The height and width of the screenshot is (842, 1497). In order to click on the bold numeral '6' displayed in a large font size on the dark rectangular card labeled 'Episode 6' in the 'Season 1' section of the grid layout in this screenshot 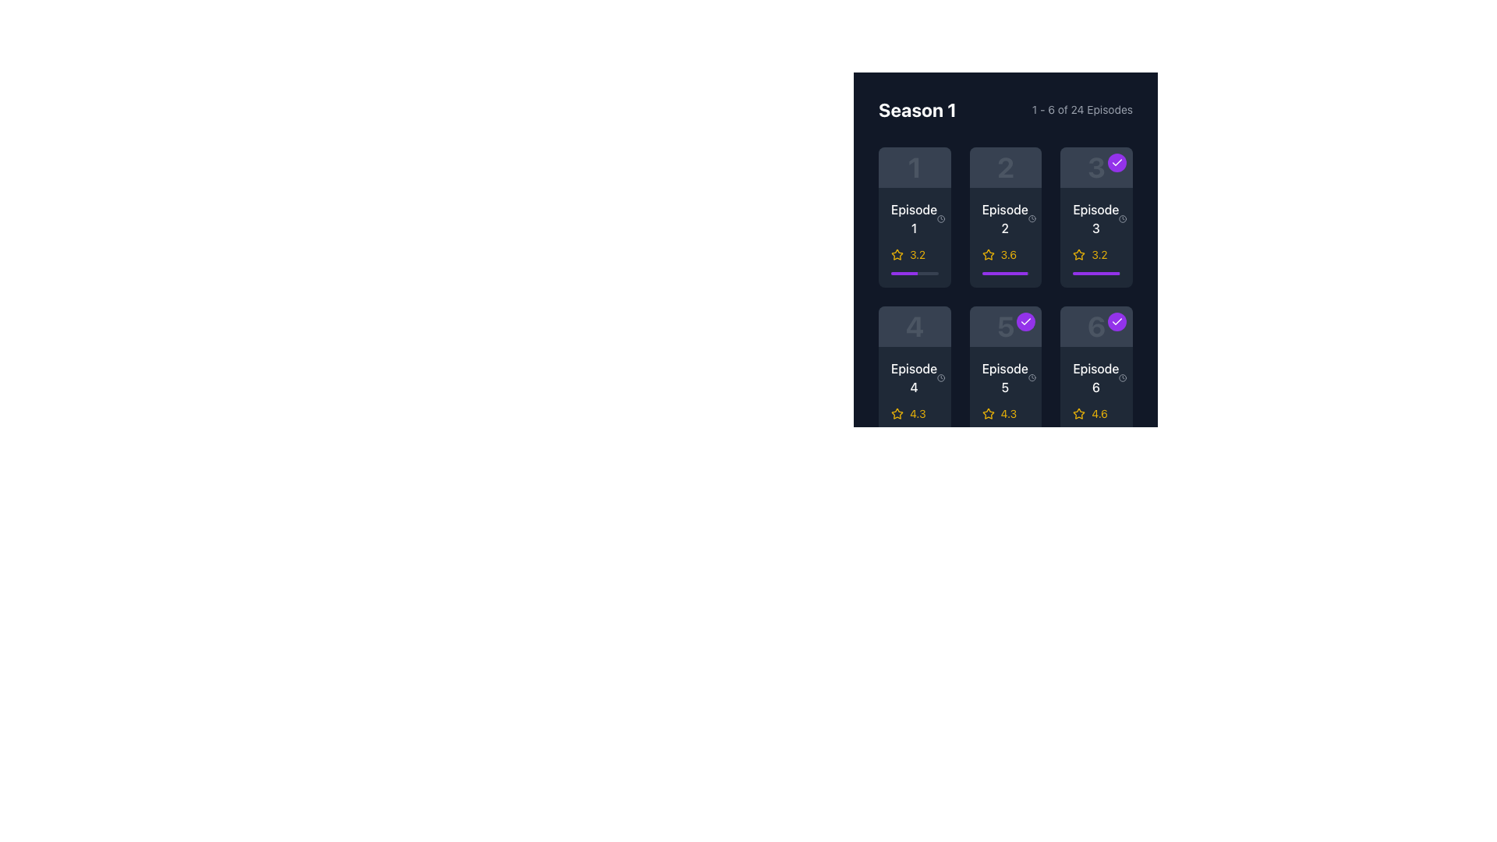, I will do `click(1095, 326)`.